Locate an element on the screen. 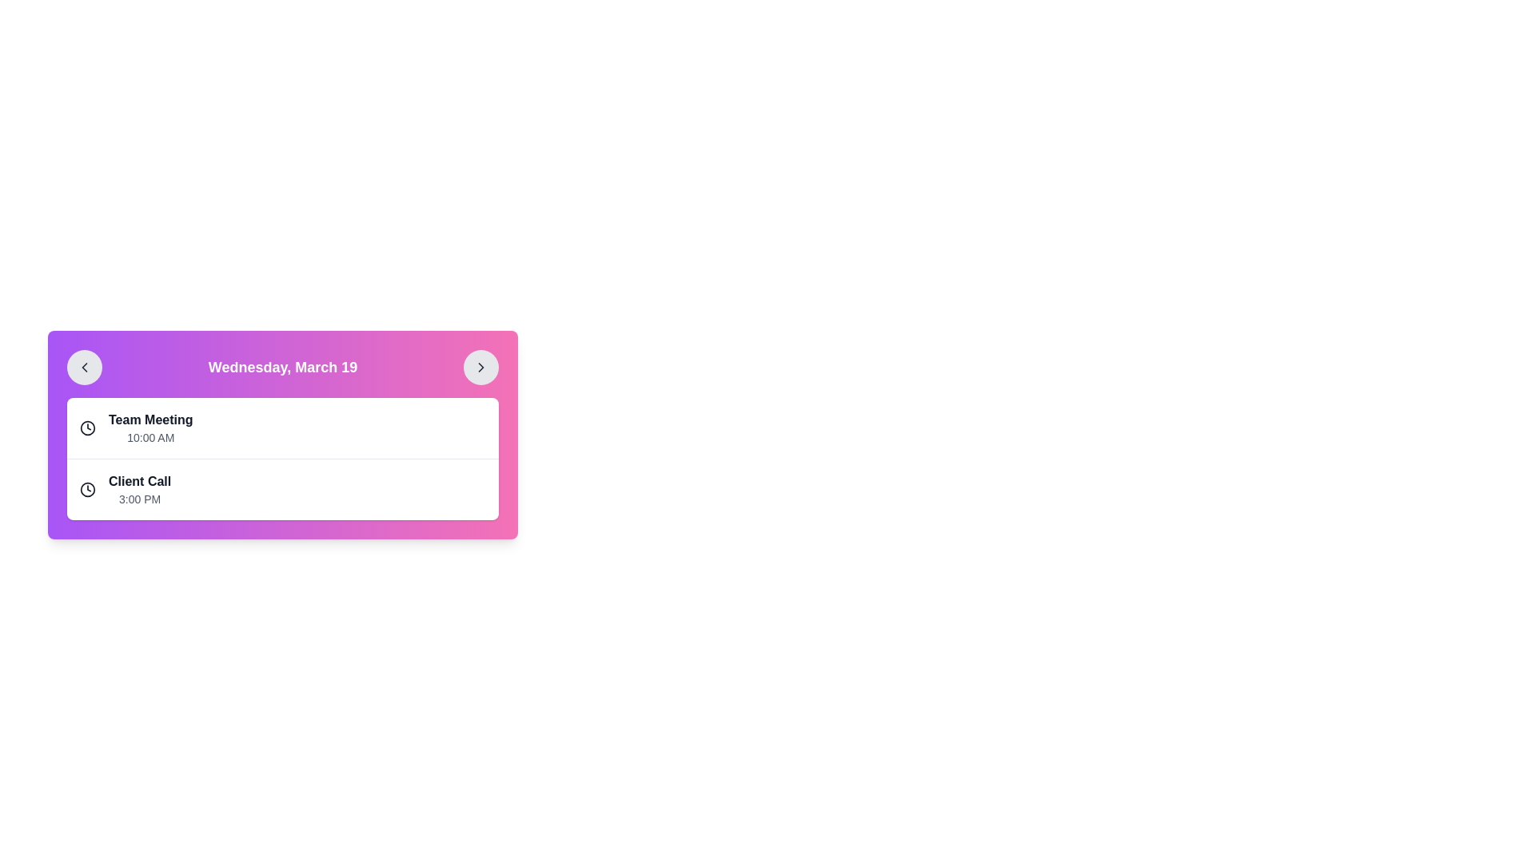 Image resolution: width=1535 pixels, height=863 pixels. the left-pointing arrow SVG icon embedded in the rounded button located in the top-left corner of the interface's header section is located at coordinates (83, 367).